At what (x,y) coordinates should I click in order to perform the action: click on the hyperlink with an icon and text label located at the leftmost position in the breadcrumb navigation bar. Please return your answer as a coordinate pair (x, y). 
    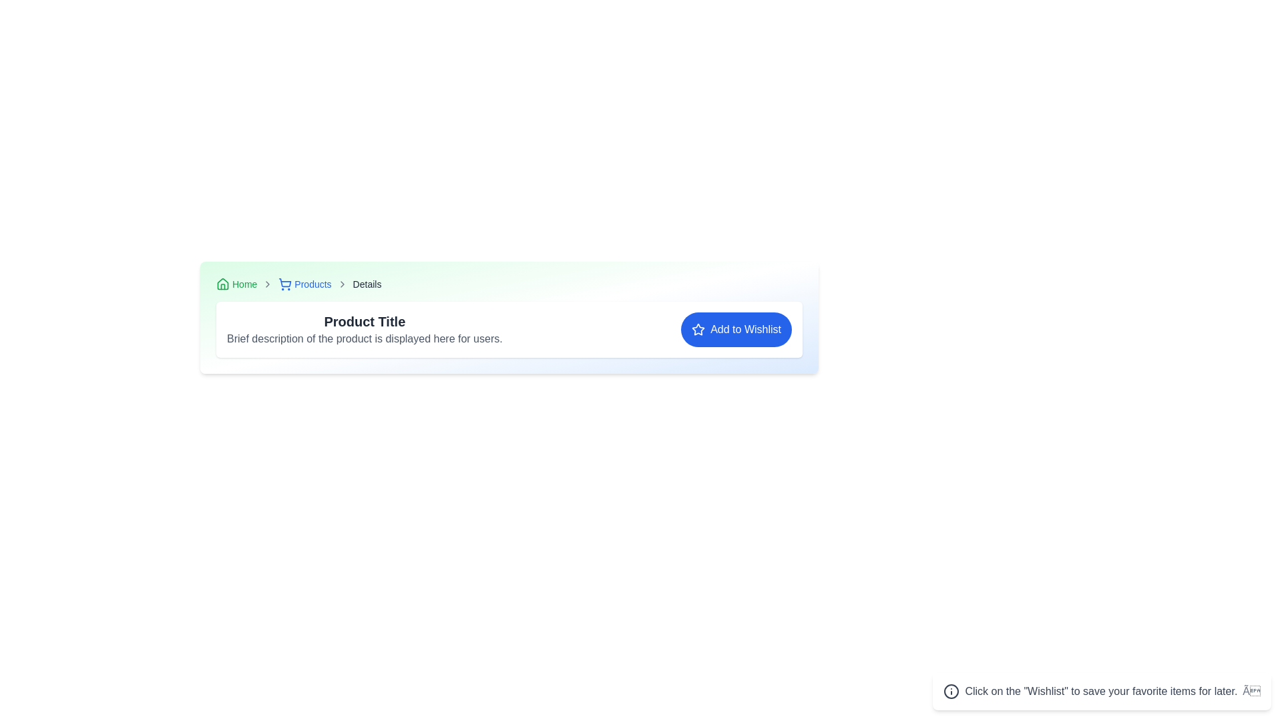
    Looking at the image, I should click on (236, 283).